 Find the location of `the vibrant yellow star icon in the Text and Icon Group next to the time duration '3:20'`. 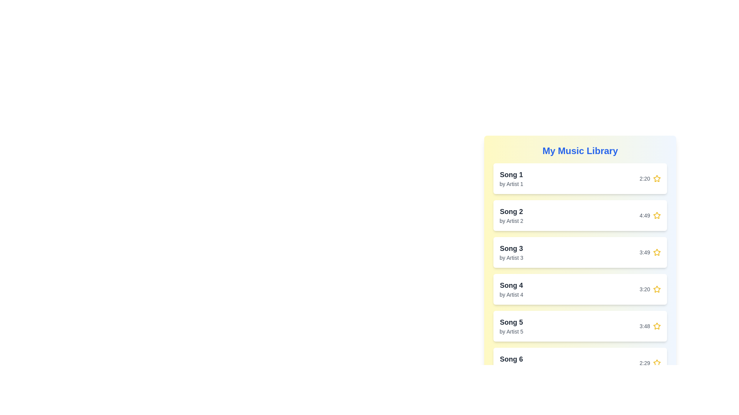

the vibrant yellow star icon in the Text and Icon Group next to the time duration '3:20' is located at coordinates (650, 289).